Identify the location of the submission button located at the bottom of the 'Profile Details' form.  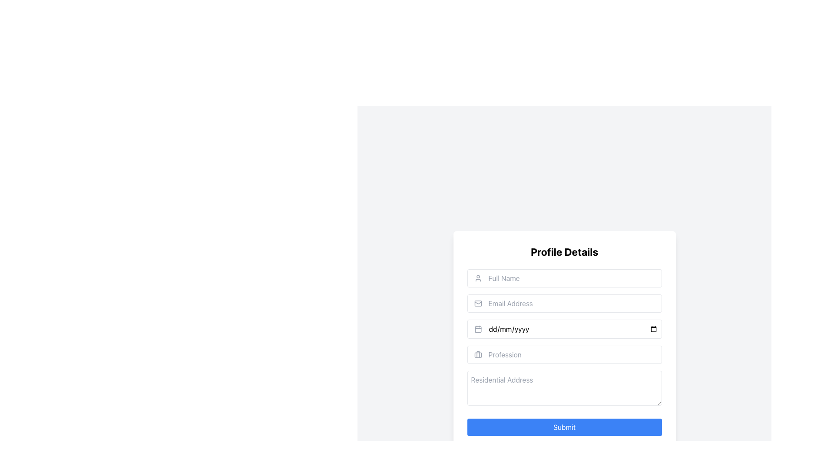
(564, 426).